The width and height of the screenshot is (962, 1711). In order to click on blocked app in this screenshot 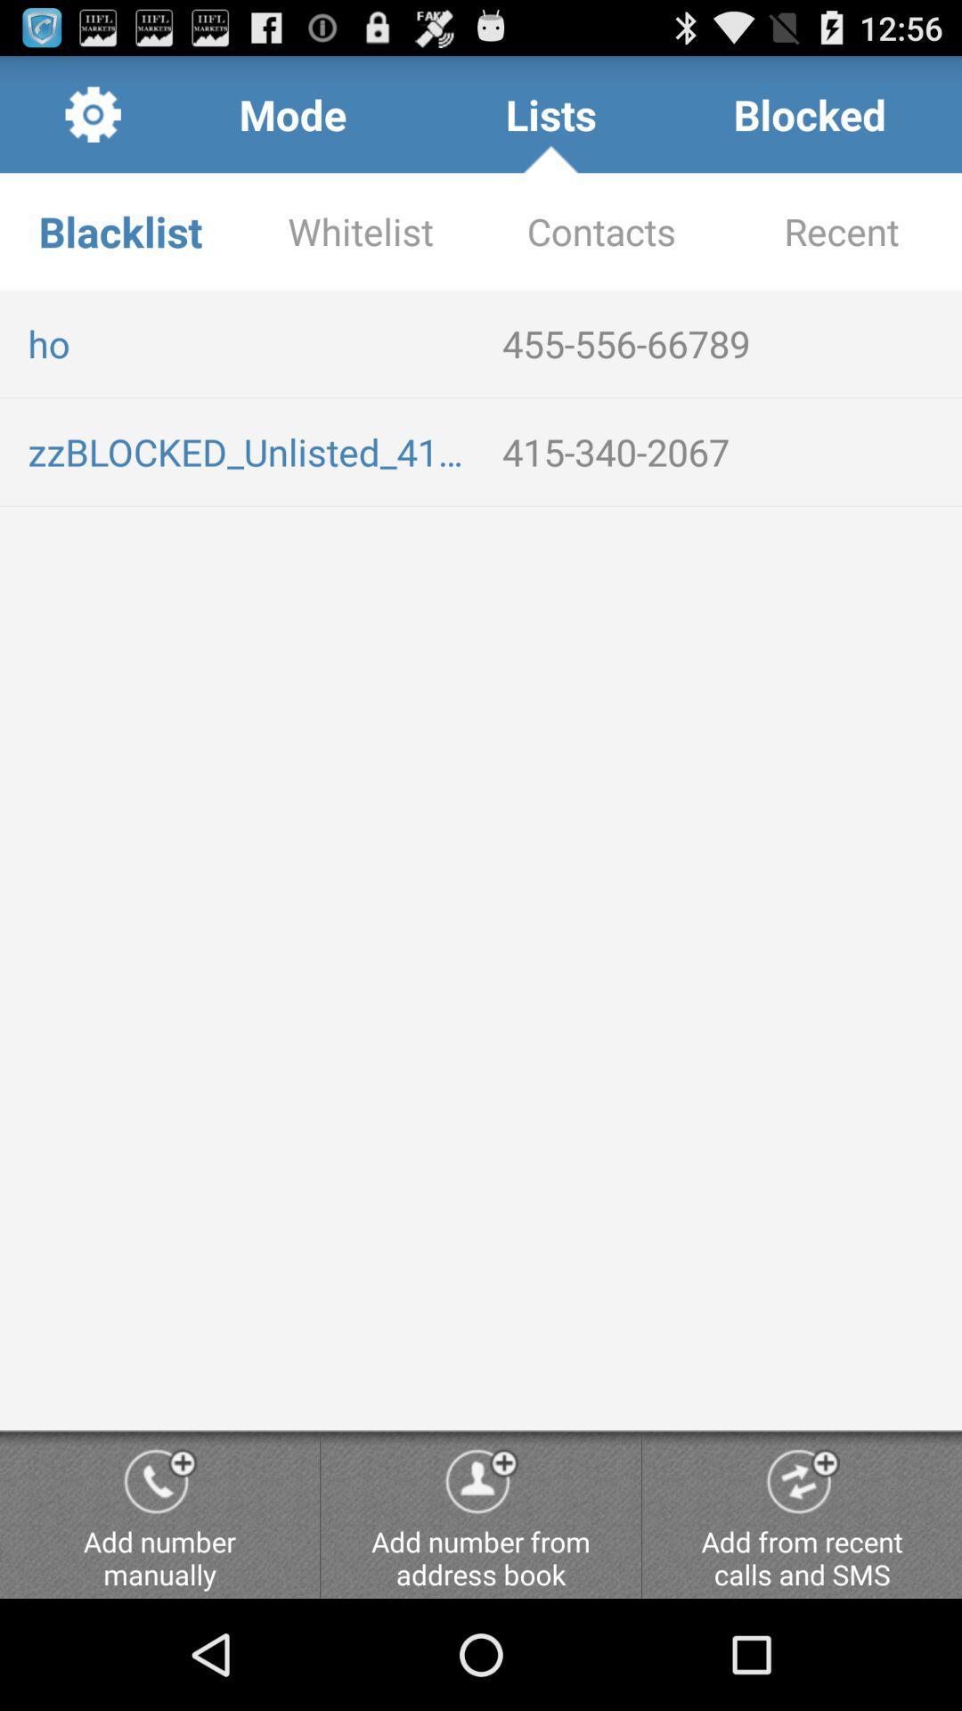, I will do `click(810, 113)`.